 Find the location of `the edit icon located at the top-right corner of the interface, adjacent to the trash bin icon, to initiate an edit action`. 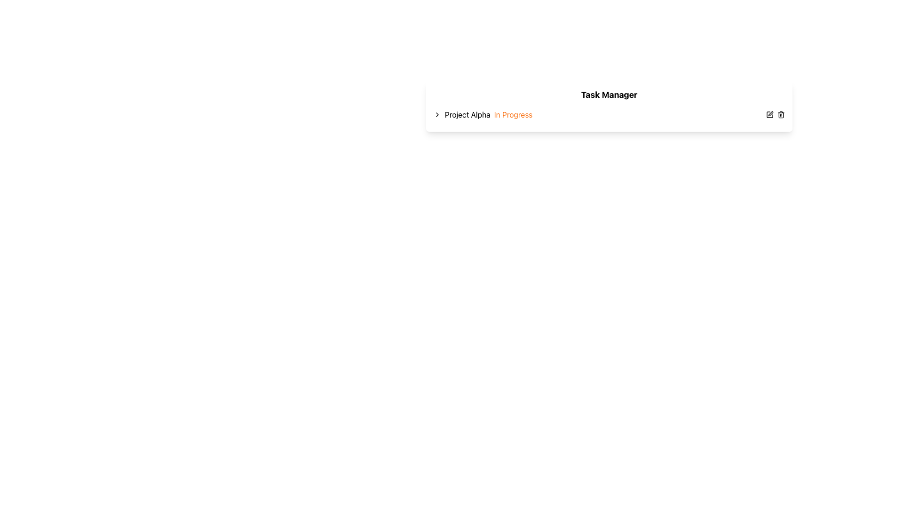

the edit icon located at the top-right corner of the interface, adjacent to the trash bin icon, to initiate an edit action is located at coordinates (770, 113).